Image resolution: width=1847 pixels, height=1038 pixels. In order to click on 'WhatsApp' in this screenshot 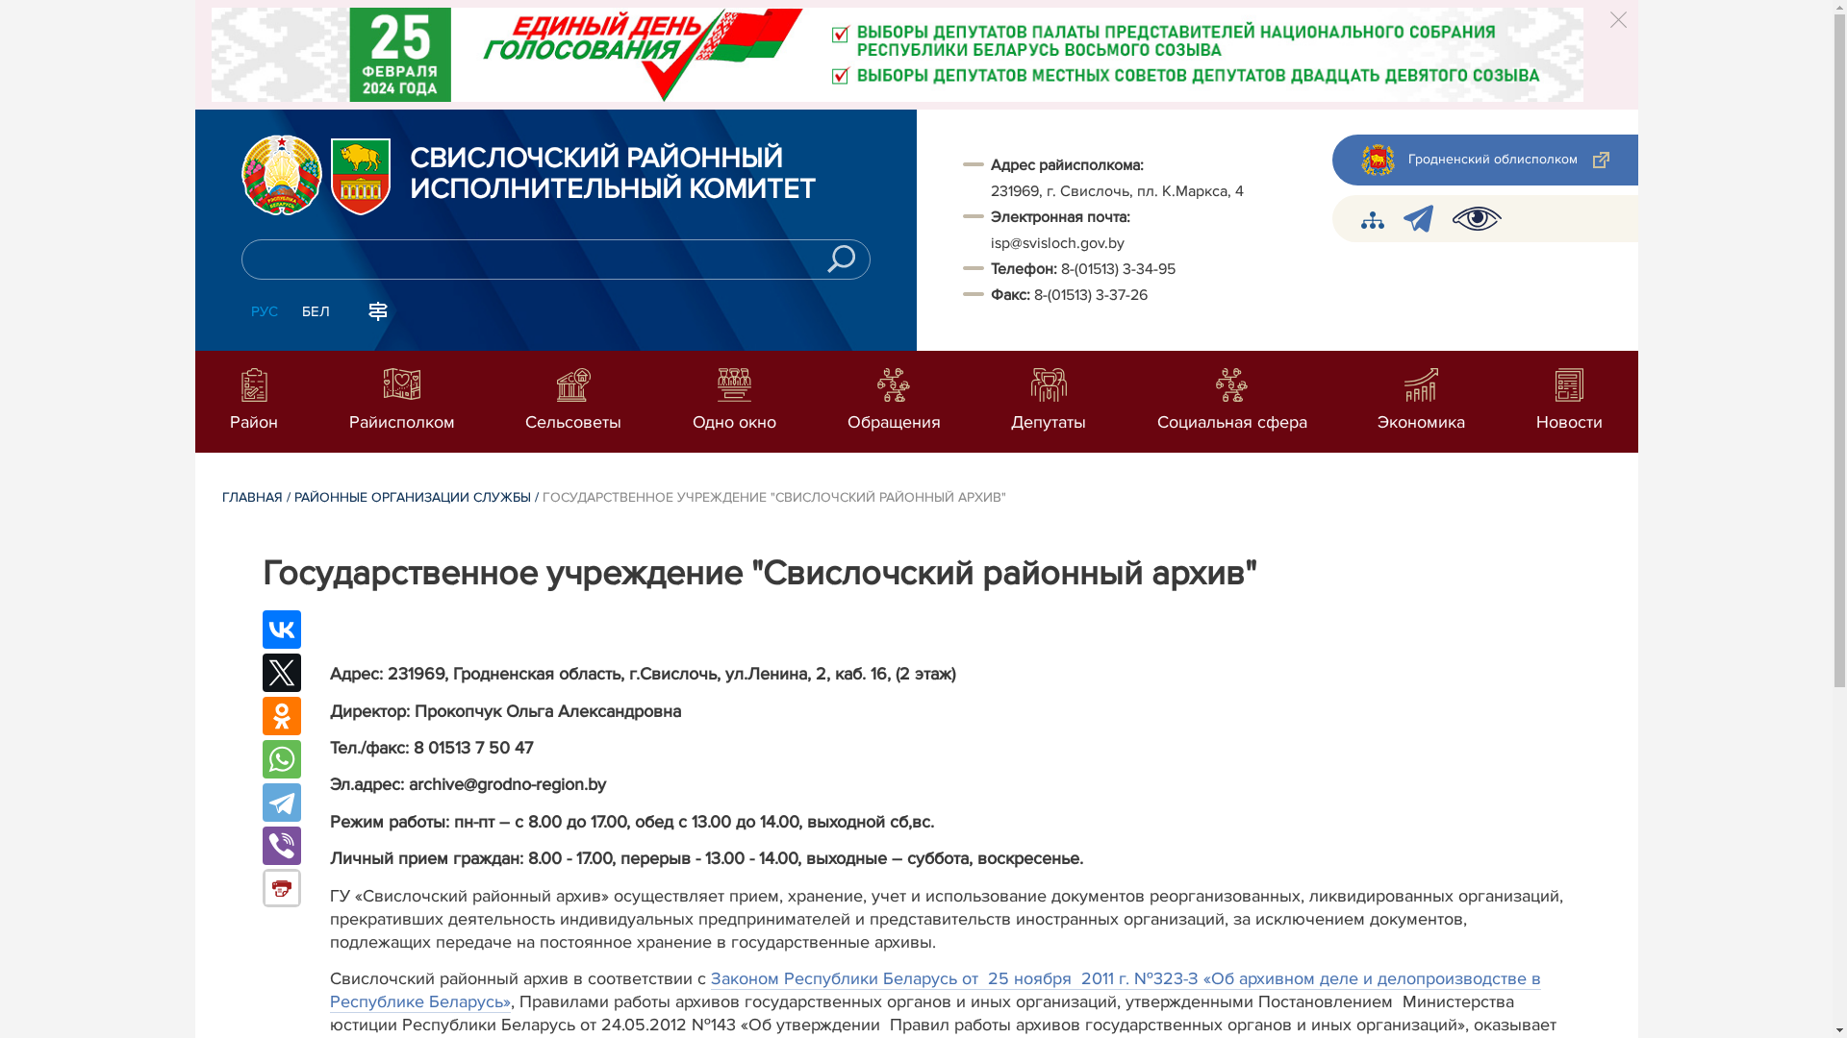, I will do `click(280, 758)`.